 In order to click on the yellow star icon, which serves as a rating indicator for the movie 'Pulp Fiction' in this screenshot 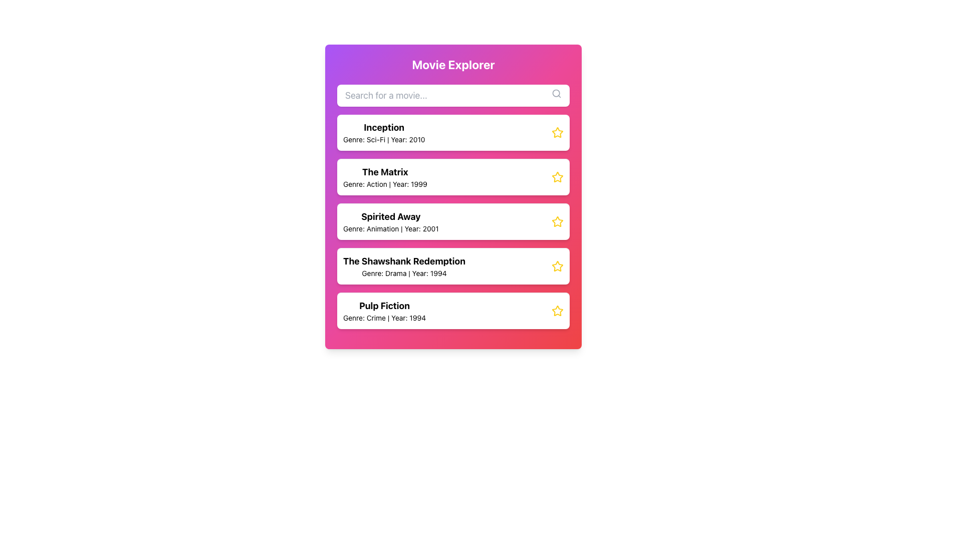, I will do `click(557, 311)`.